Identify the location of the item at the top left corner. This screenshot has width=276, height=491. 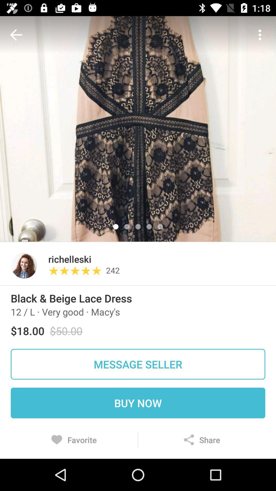
(17, 35).